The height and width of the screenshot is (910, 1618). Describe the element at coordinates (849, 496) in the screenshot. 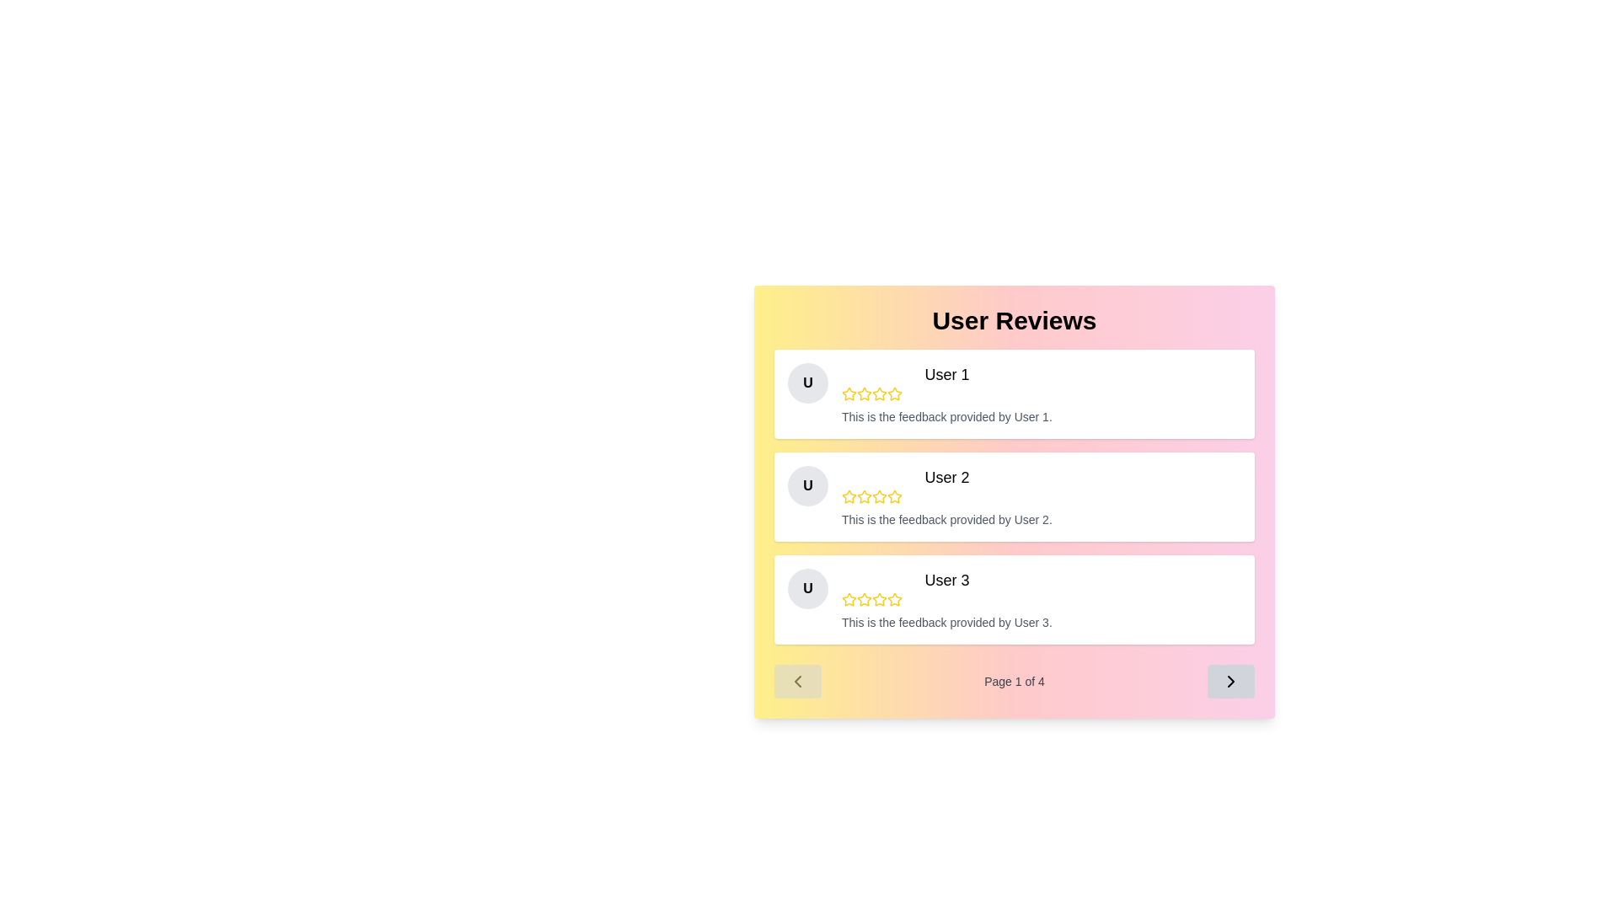

I see `the first star icon in the user review section, which is located within the second card, between the username and the feedback text` at that location.